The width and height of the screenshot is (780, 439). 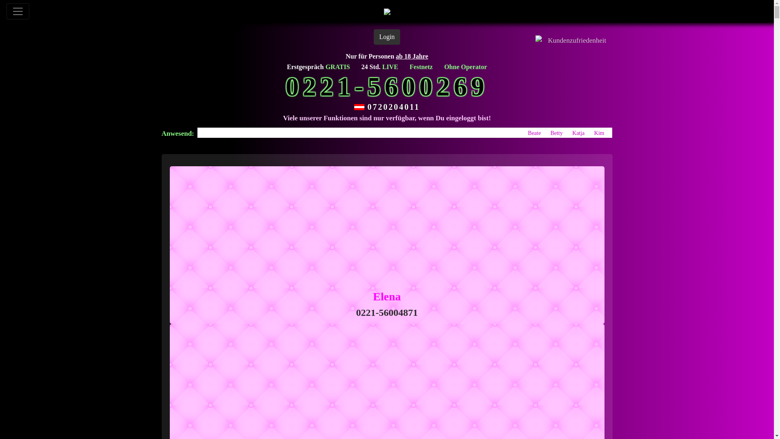 I want to click on 'Kim', so click(x=599, y=133).